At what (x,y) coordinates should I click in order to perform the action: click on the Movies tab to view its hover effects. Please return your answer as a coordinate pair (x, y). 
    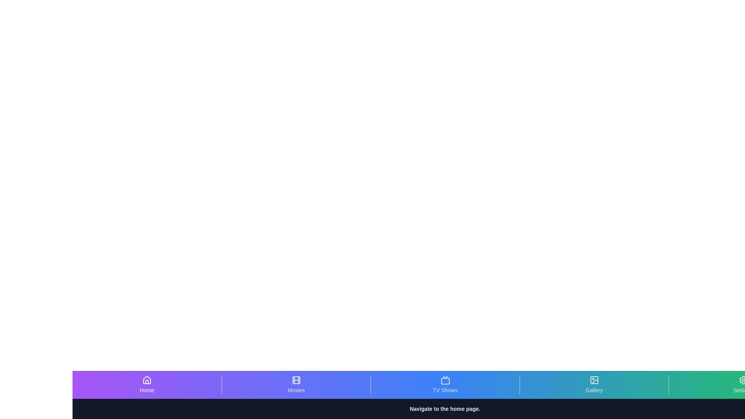
    Looking at the image, I should click on (296, 384).